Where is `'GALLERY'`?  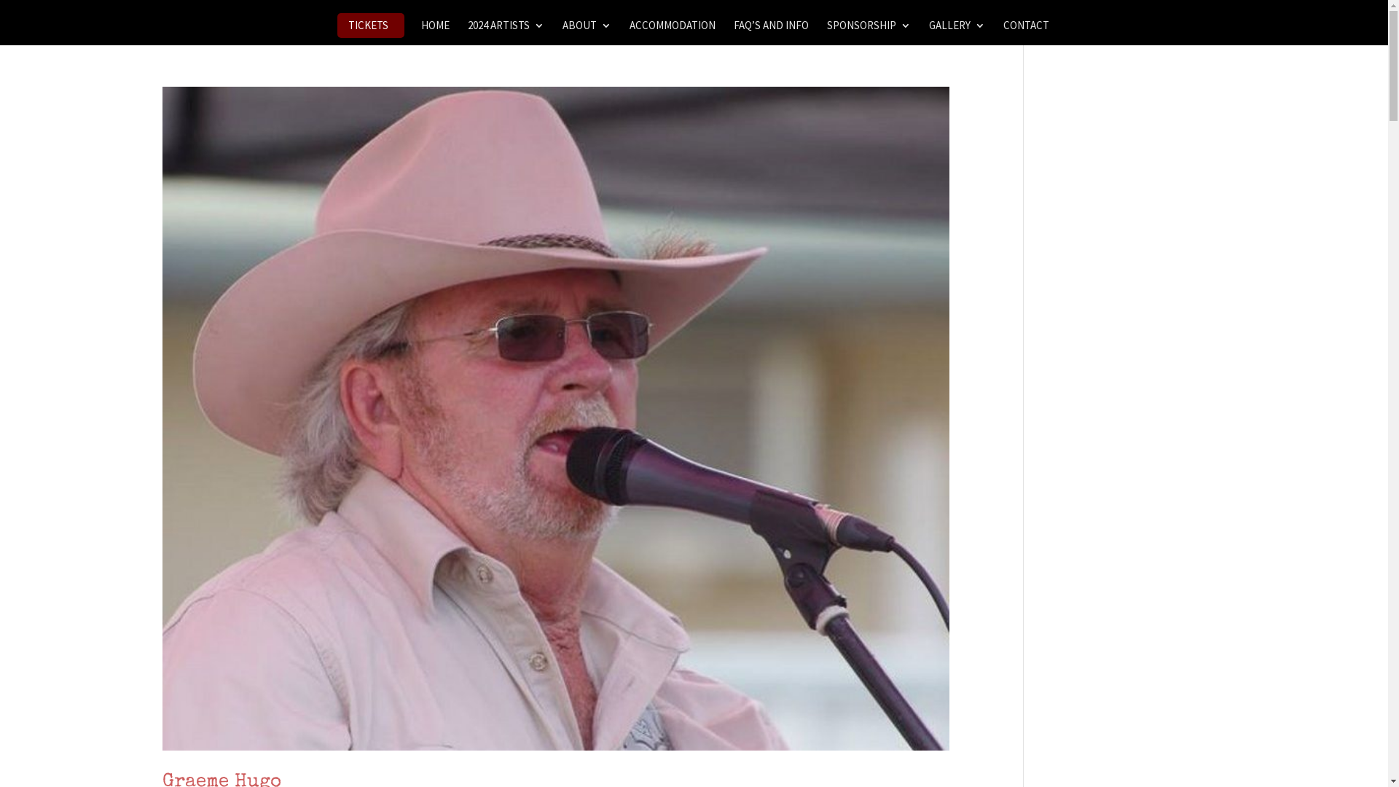
'GALLERY' is located at coordinates (957, 31).